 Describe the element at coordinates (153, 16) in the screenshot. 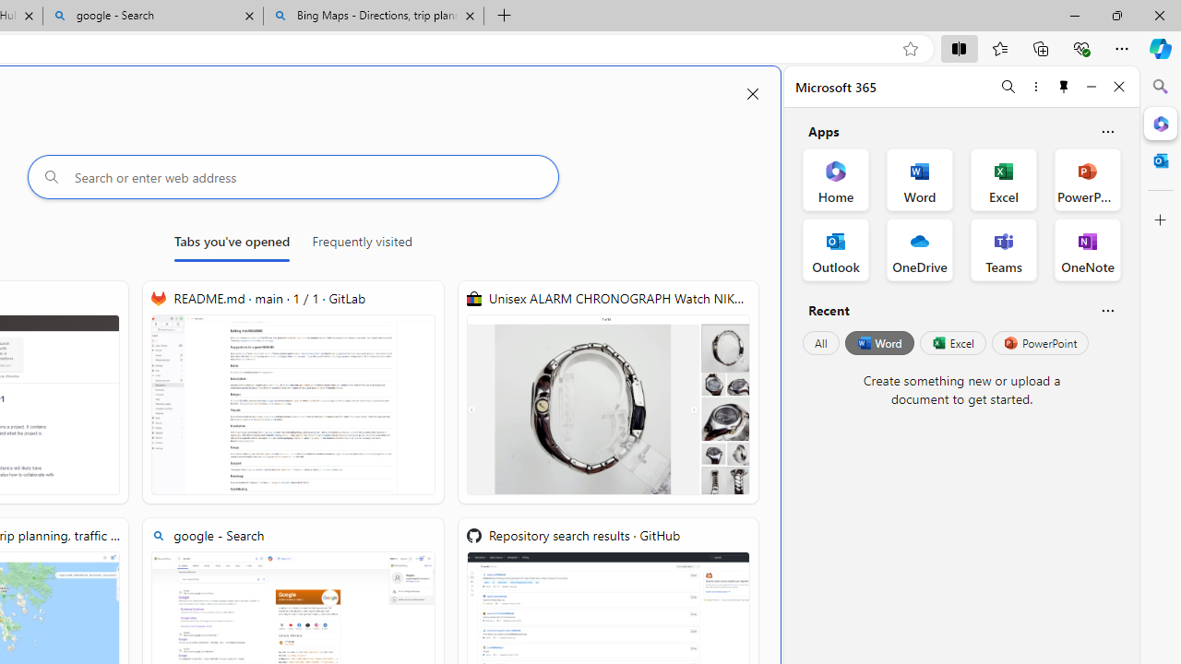

I see `'google - Search'` at that location.